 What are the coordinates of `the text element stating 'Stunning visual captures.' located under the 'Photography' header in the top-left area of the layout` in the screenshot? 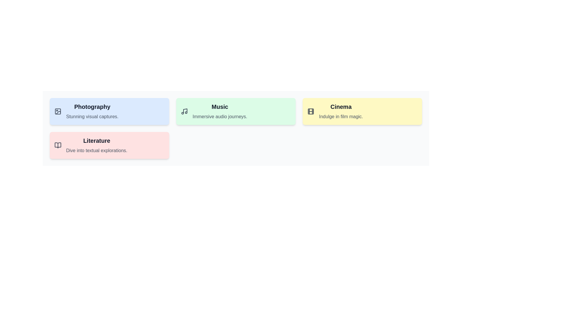 It's located at (92, 116).